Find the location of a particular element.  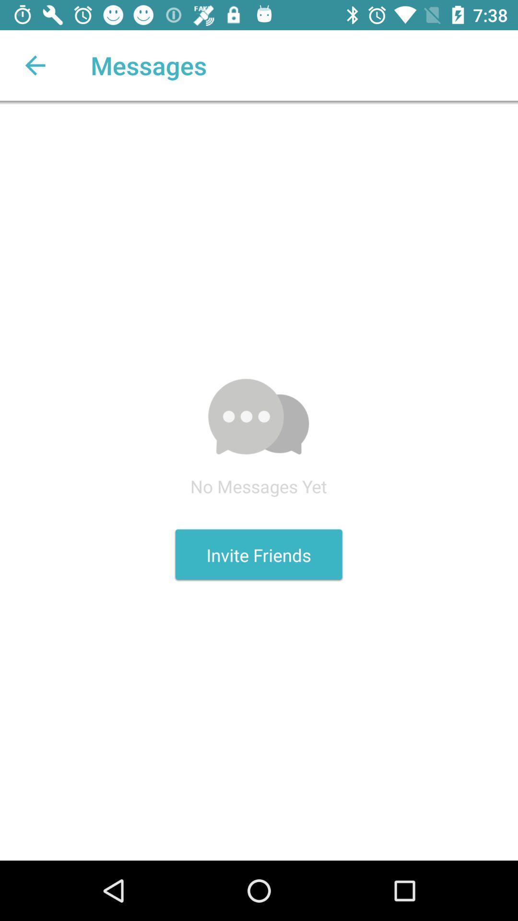

the icon below the no messages yet icon is located at coordinates (258, 555).